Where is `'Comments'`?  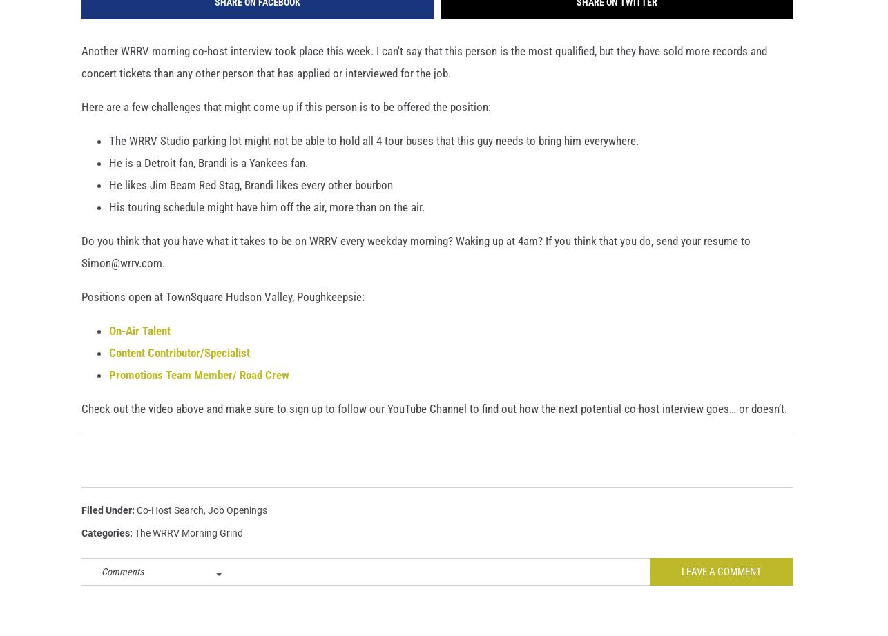
'Comments' is located at coordinates (122, 593).